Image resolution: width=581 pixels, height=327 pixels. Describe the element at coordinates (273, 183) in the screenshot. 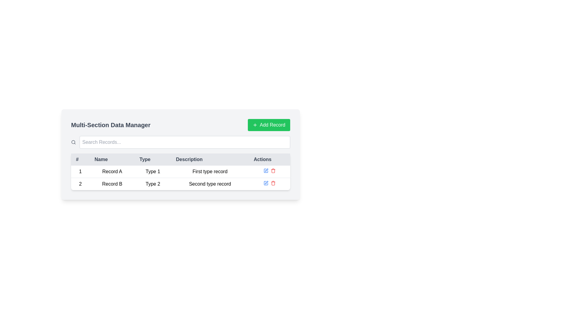

I see `SVG properties of the trash bin icon, which is a rectangle or square-shaped icon located in the 'Actions' column of the row corresponding to 'Record B'` at that location.